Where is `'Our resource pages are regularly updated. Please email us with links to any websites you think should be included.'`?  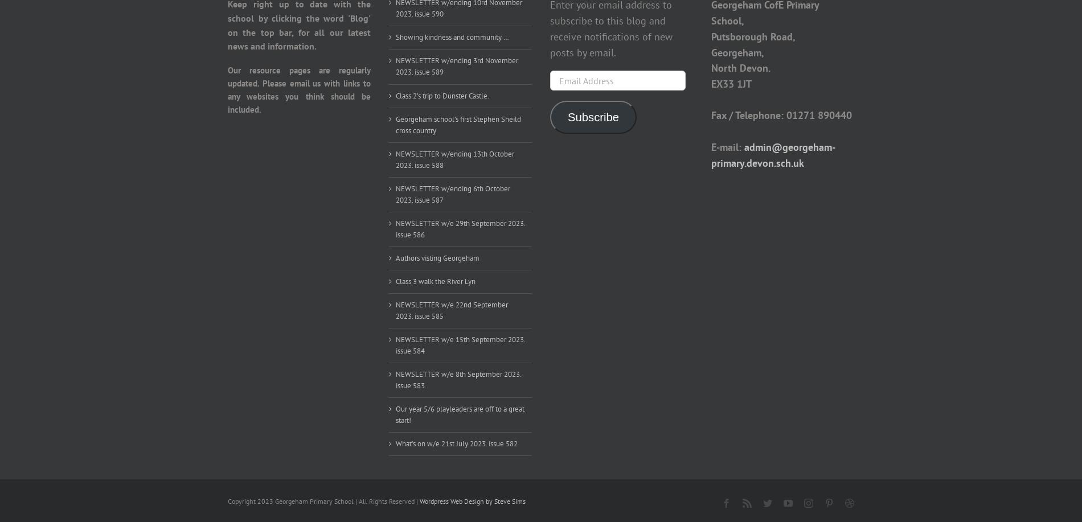 'Our resource pages are regularly updated. Please email us with links to any websites you think should be included.' is located at coordinates (227, 89).